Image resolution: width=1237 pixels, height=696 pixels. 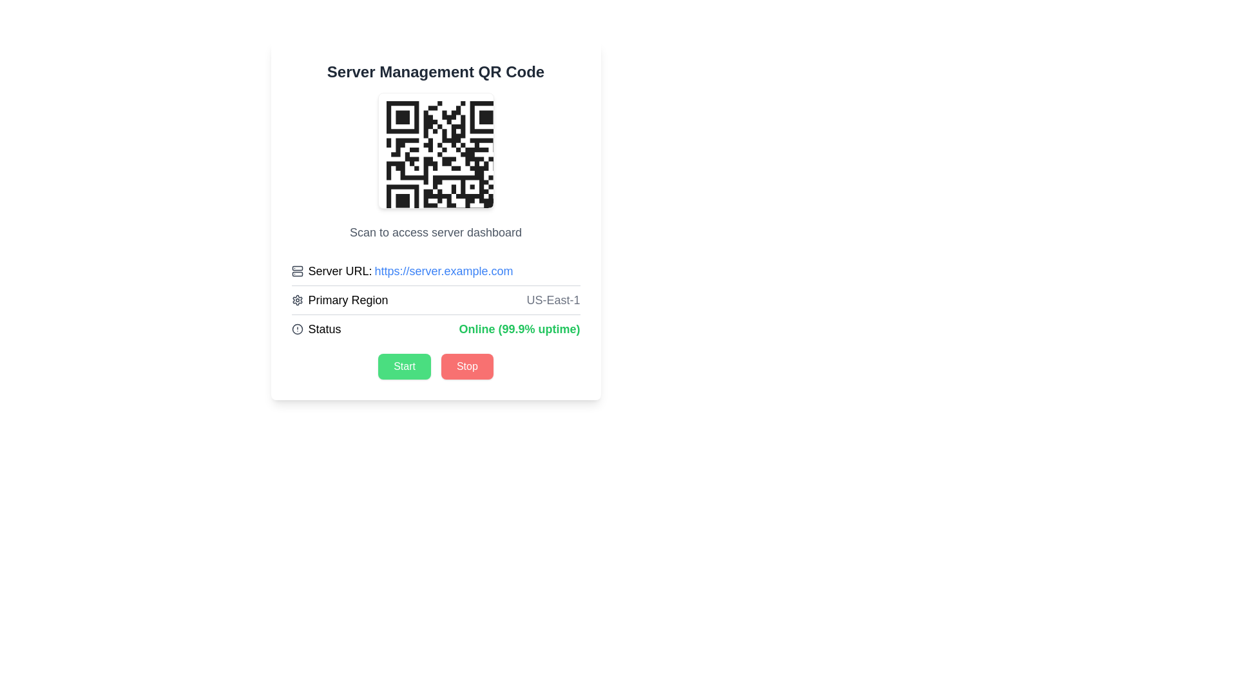 I want to click on the Label element that displays the text 'Scan, so click(x=436, y=233).